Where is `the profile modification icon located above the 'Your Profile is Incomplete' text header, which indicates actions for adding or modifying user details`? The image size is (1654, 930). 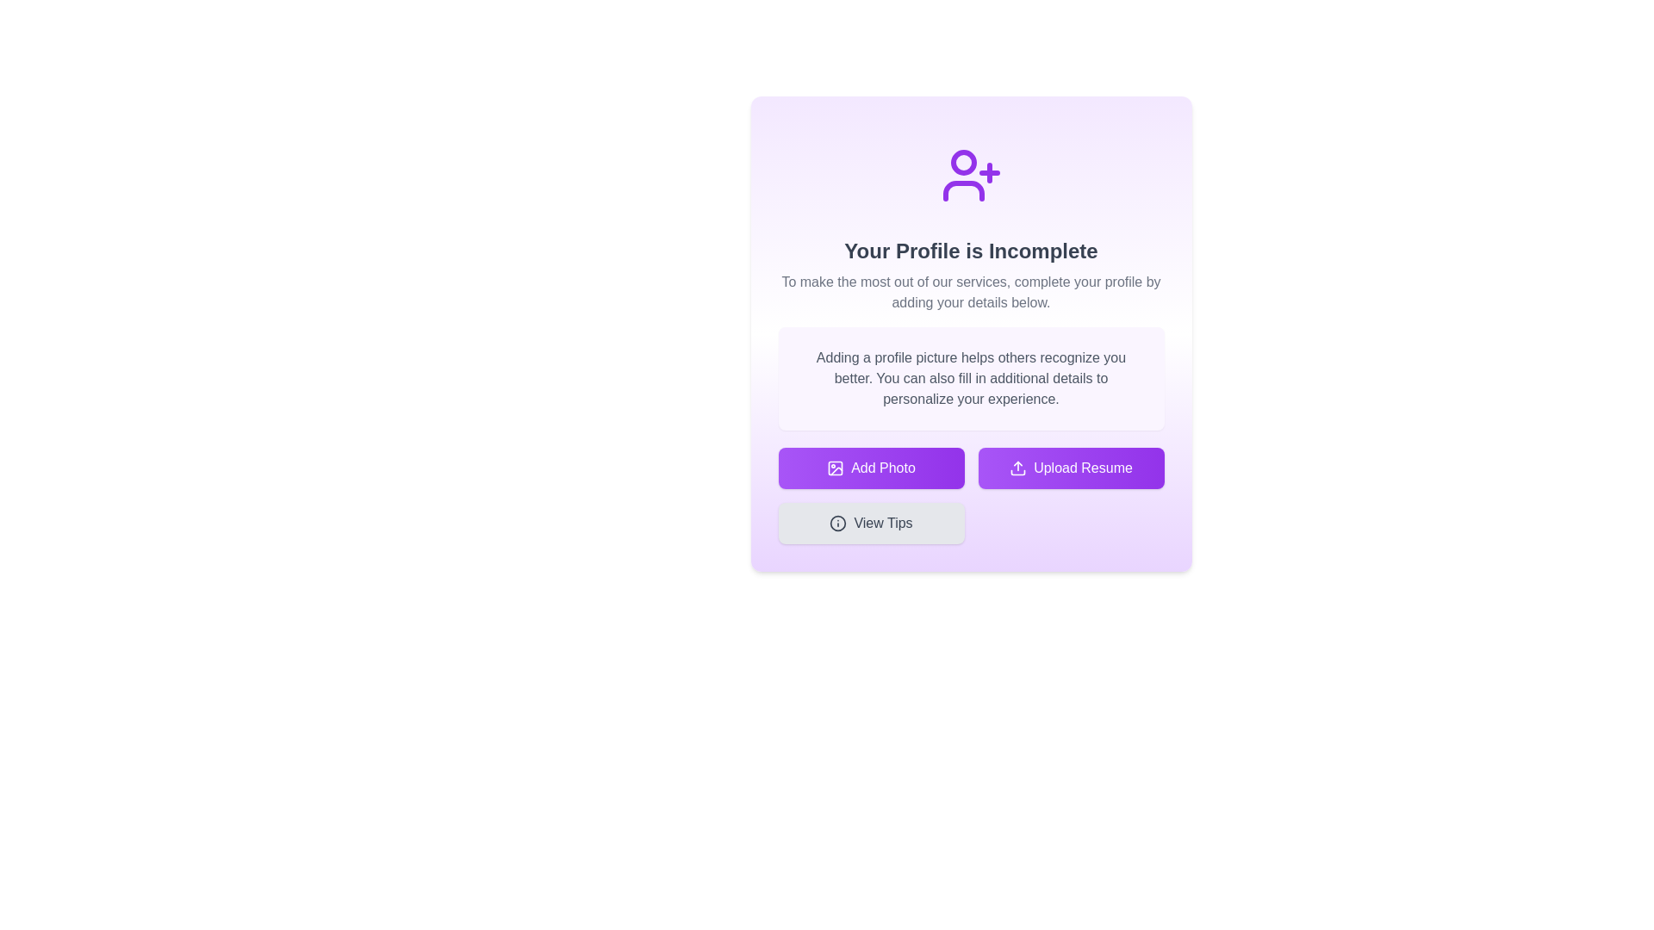
the profile modification icon located above the 'Your Profile is Incomplete' text header, which indicates actions for adding or modifying user details is located at coordinates (971, 176).